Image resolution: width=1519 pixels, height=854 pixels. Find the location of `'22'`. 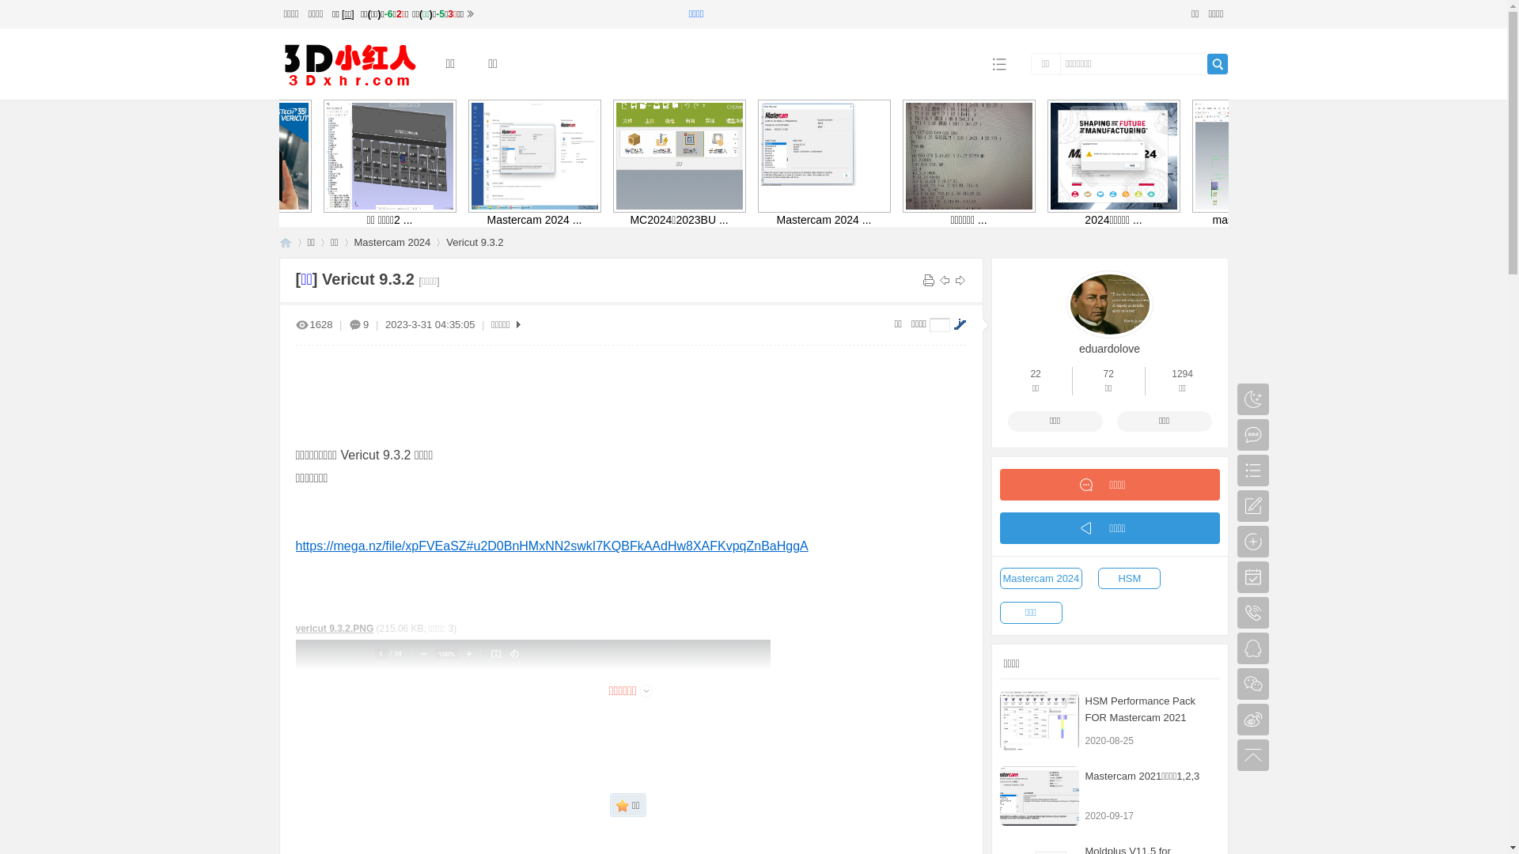

'22' is located at coordinates (1029, 374).